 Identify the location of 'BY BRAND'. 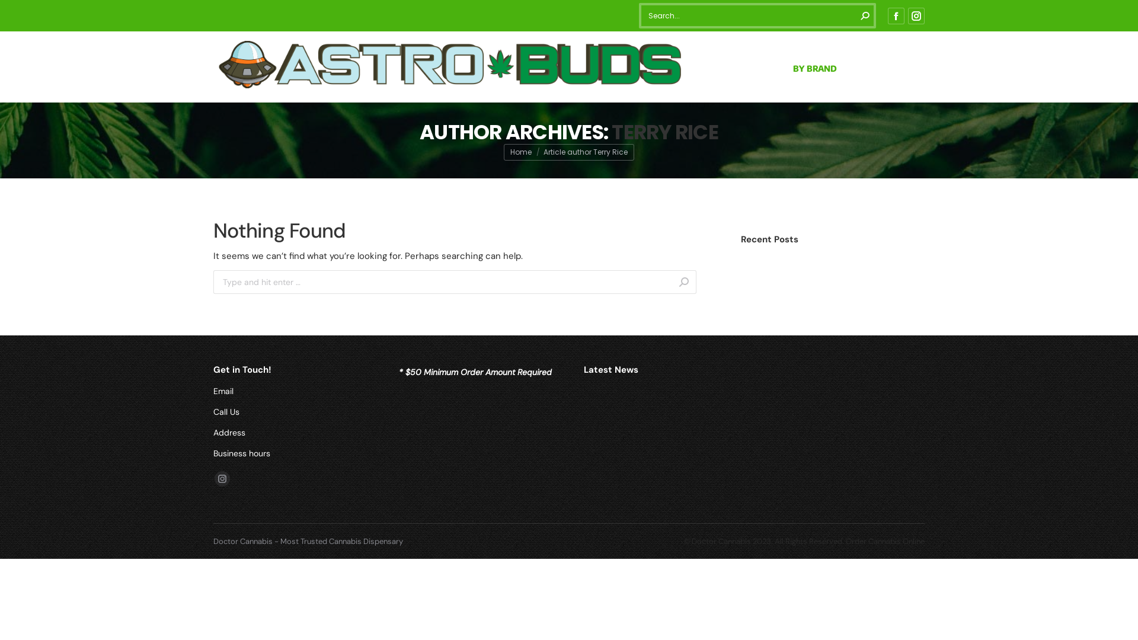
(814, 66).